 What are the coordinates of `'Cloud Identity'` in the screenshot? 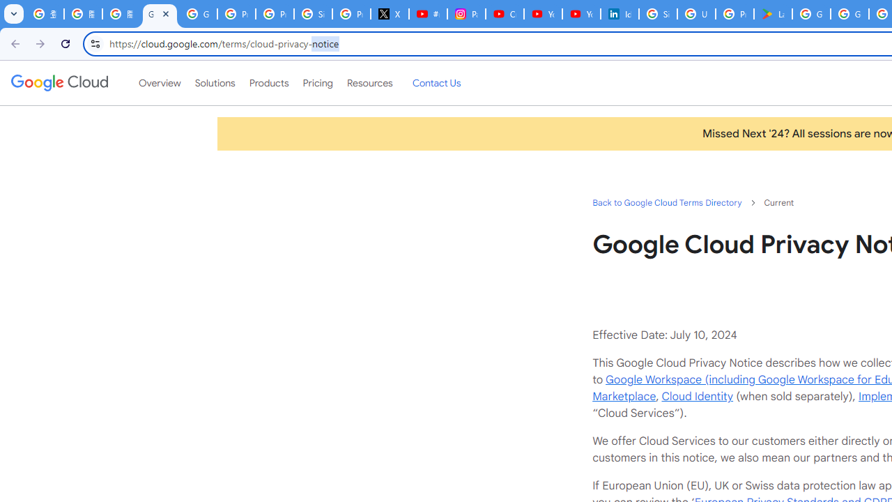 It's located at (697, 396).